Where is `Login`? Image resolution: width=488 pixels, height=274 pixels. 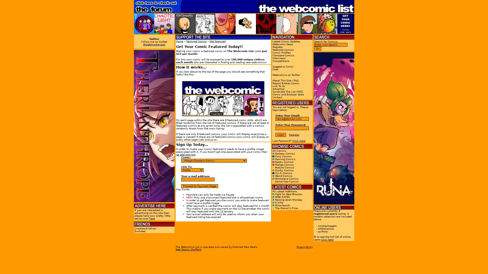
Login is located at coordinates (280, 134).